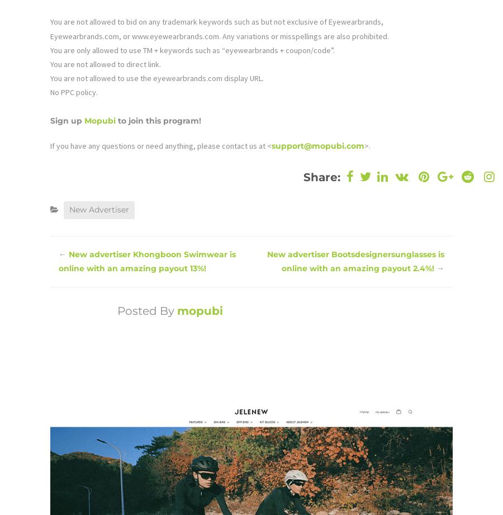  Describe the element at coordinates (317, 144) in the screenshot. I see `'support@mopubi.com'` at that location.